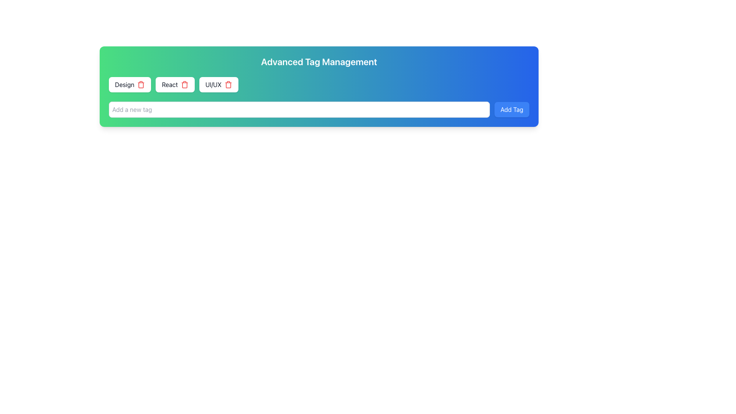 The height and width of the screenshot is (414, 736). I want to click on the text value of the second tag in the 'Advanced Tag Management' section, which is positioned between the 'Design' and 'UI/UX' tags, so click(169, 84).